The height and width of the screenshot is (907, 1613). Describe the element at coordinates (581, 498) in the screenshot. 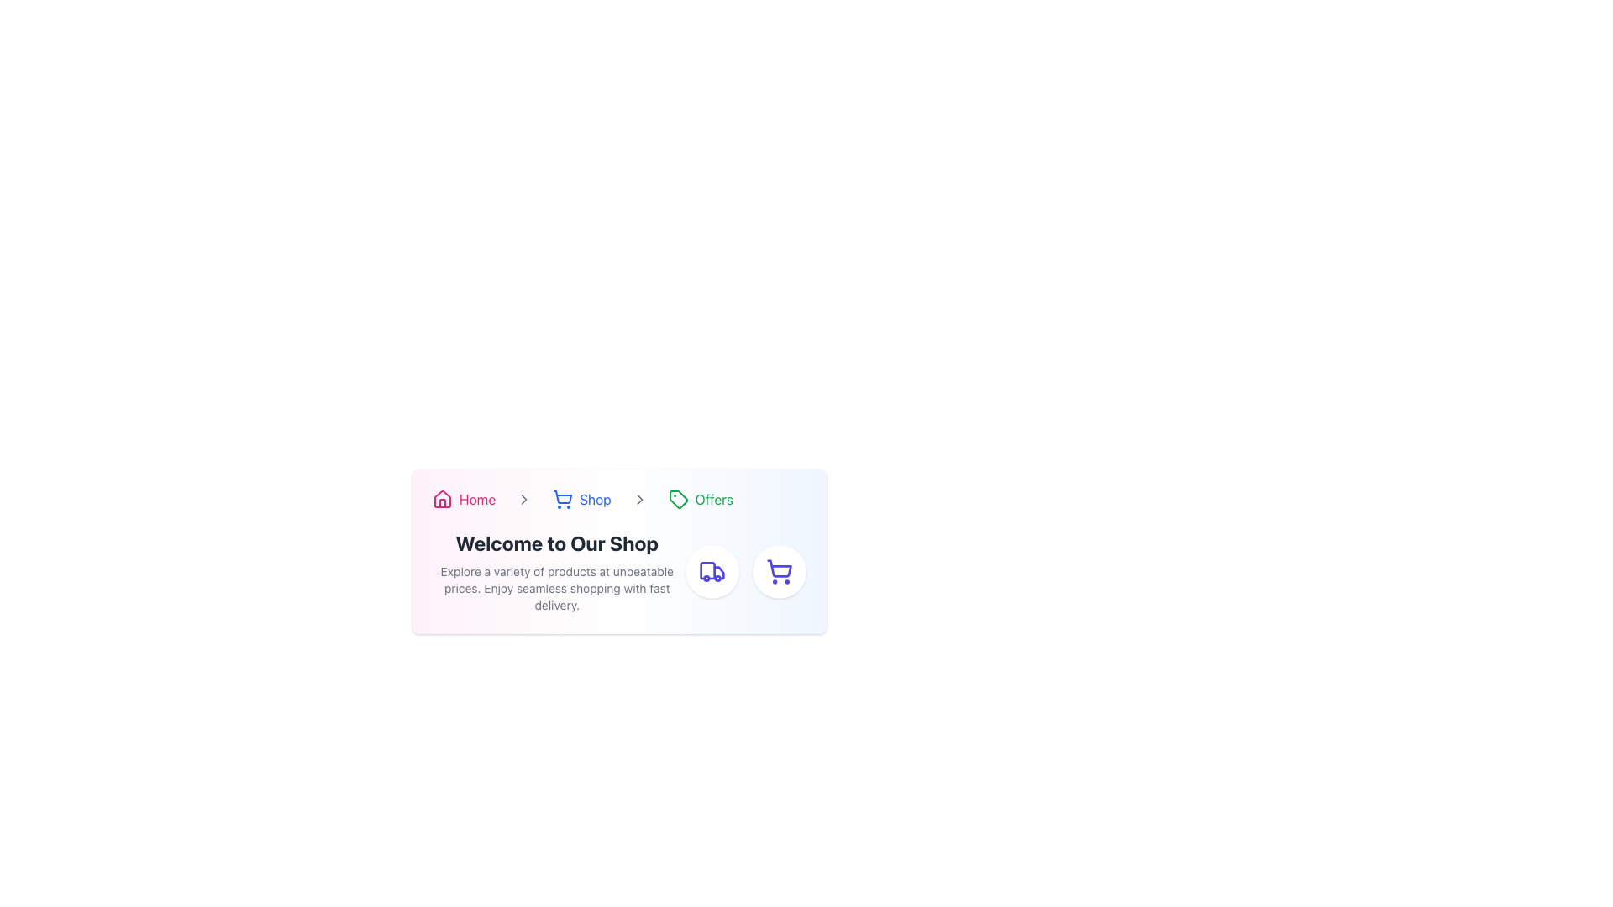

I see `the 'Shop' text label with a shopping cart icon in the breadcrumb navigation bar` at that location.